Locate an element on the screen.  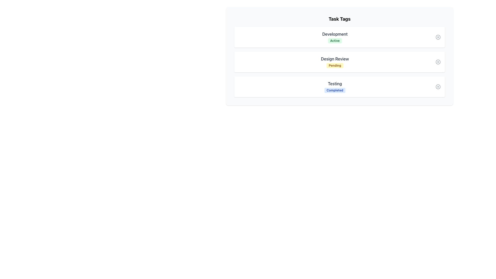
the circular SVG graphic that is part of the 'Development' task icon, located to the far-right of the task row, associated with the 'Active' status label is located at coordinates (438, 37).